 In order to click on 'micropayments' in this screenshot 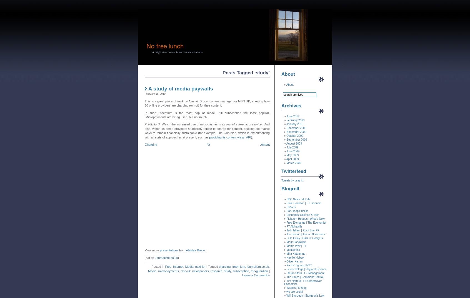, I will do `click(158, 271)`.